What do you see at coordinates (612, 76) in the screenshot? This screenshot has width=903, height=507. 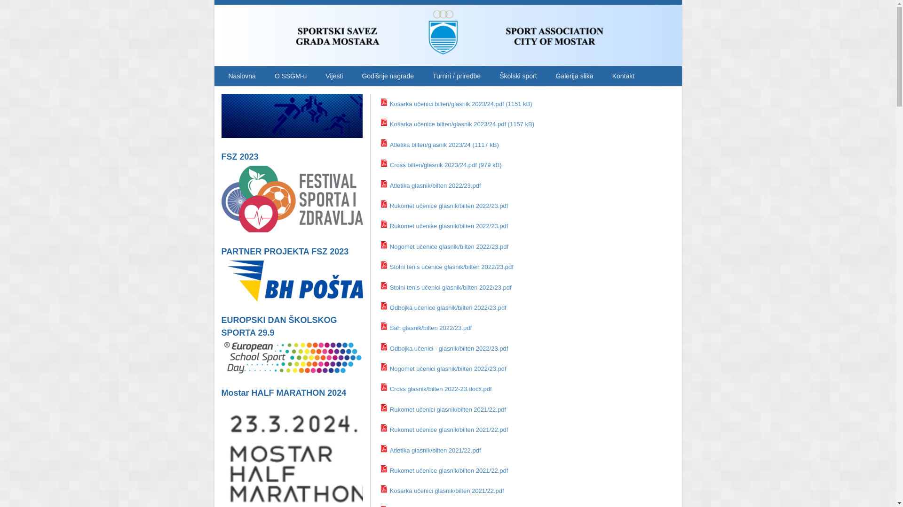 I see `'Kontakt'` at bounding box center [612, 76].